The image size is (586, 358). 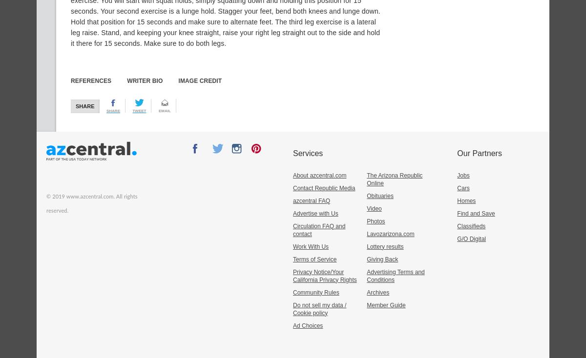 I want to click on 'Work With Us', so click(x=311, y=245).